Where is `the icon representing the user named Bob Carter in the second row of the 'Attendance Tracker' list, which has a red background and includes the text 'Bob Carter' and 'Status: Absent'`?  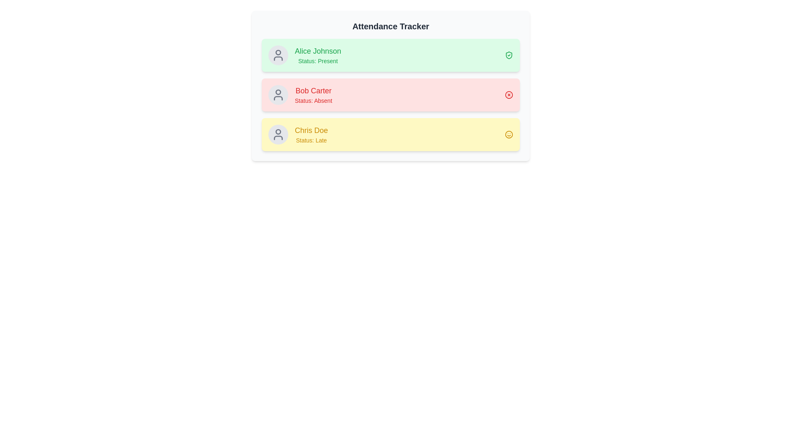
the icon representing the user named Bob Carter in the second row of the 'Attendance Tracker' list, which has a red background and includes the text 'Bob Carter' and 'Status: Absent' is located at coordinates (278, 95).